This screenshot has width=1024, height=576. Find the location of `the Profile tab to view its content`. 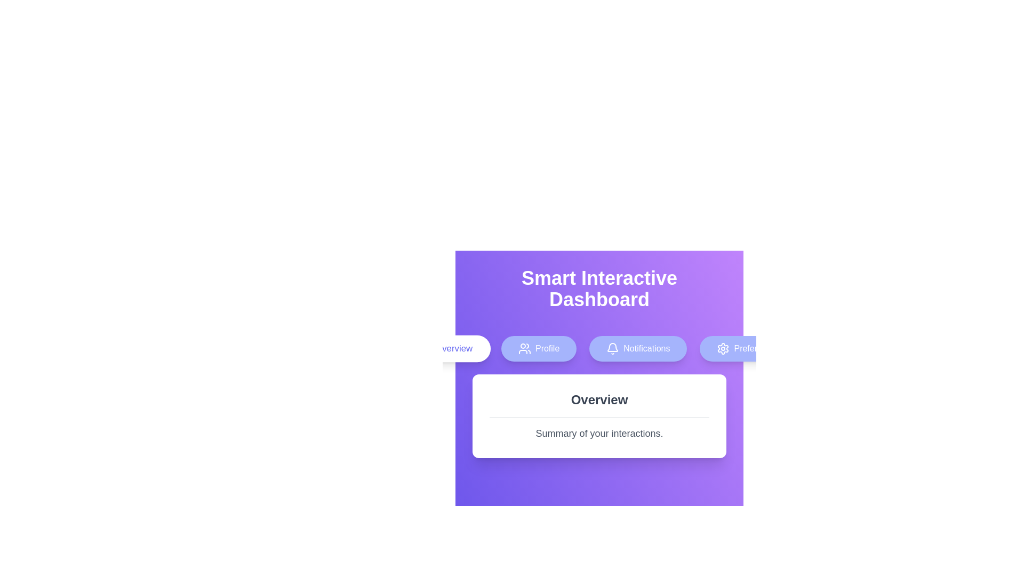

the Profile tab to view its content is located at coordinates (538, 349).